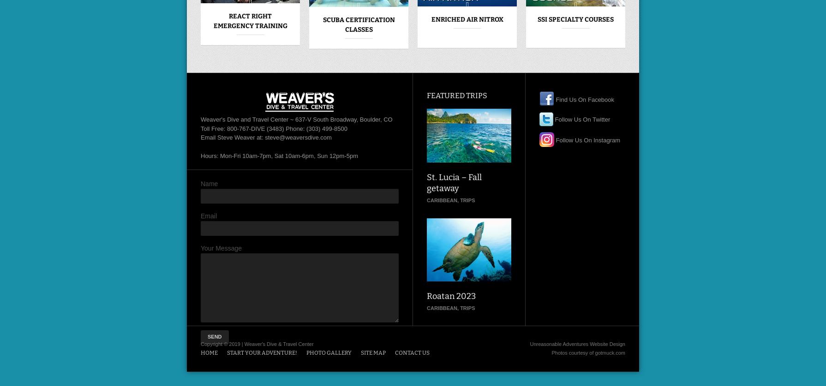 The image size is (826, 386). What do you see at coordinates (554, 99) in the screenshot?
I see `'Find Us On Facebook'` at bounding box center [554, 99].